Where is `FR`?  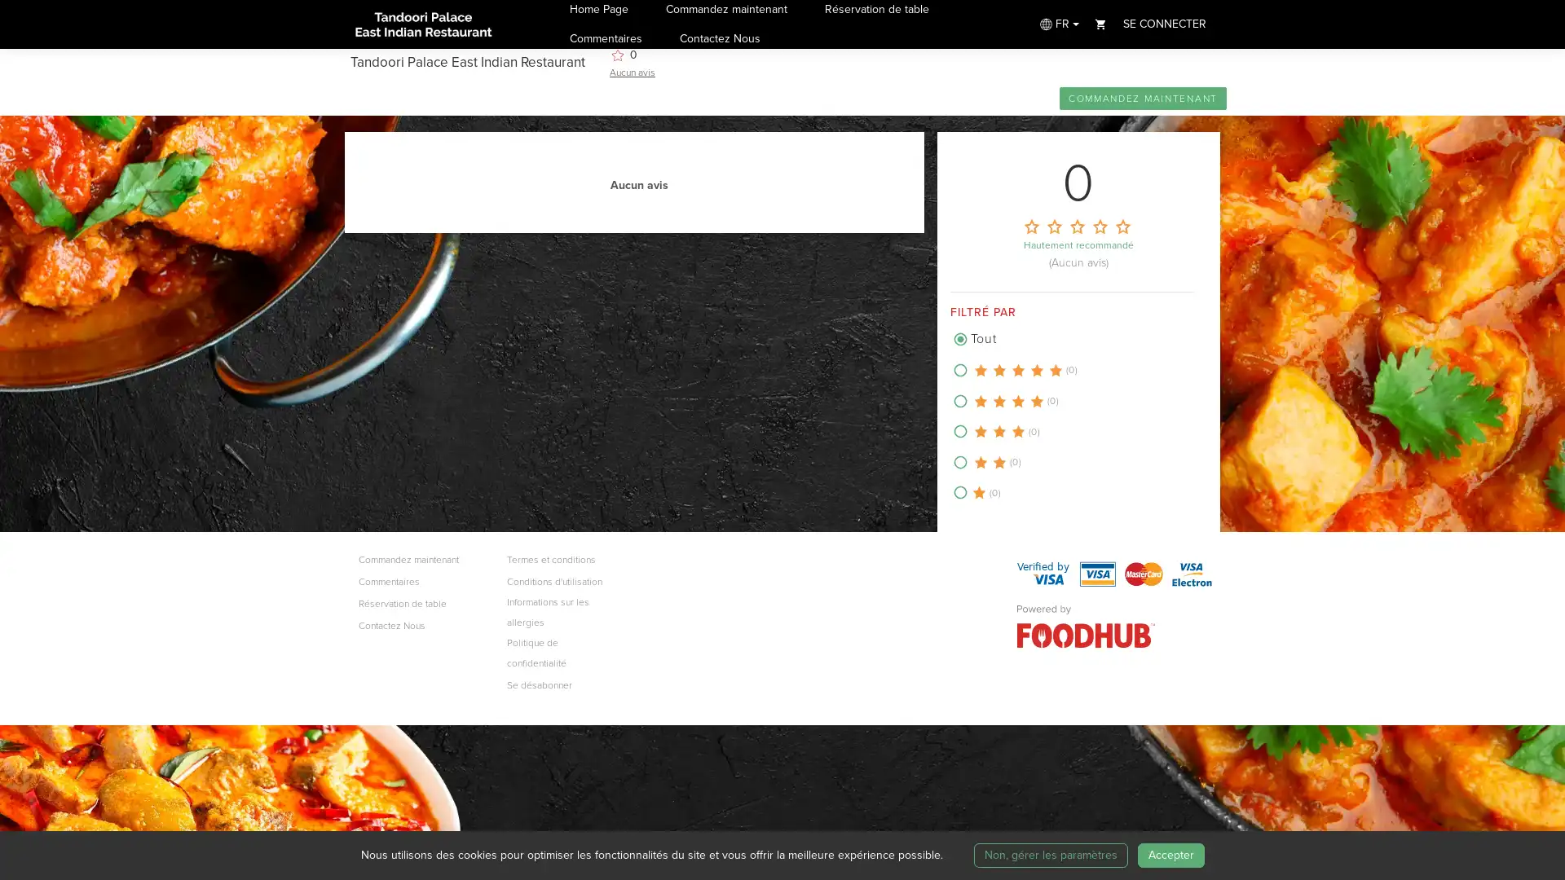
FR is located at coordinates (1057, 24).